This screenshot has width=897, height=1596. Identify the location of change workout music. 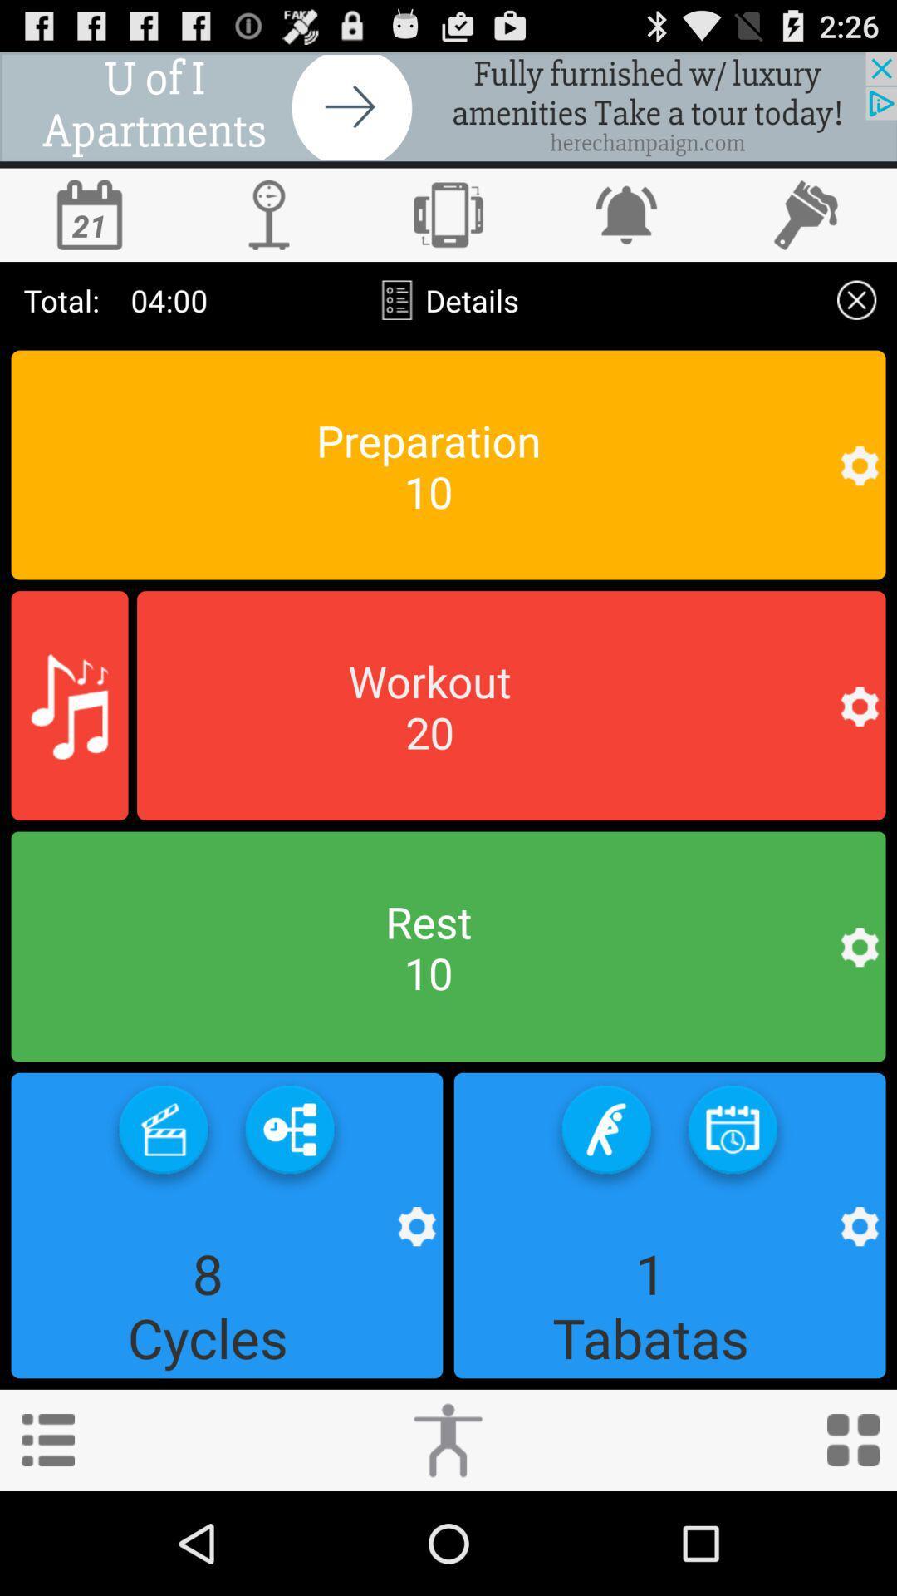
(69, 706).